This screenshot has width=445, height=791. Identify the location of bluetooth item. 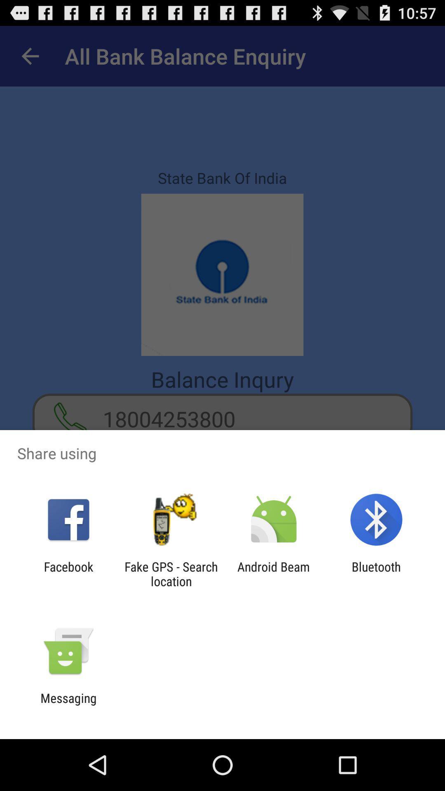
(376, 573).